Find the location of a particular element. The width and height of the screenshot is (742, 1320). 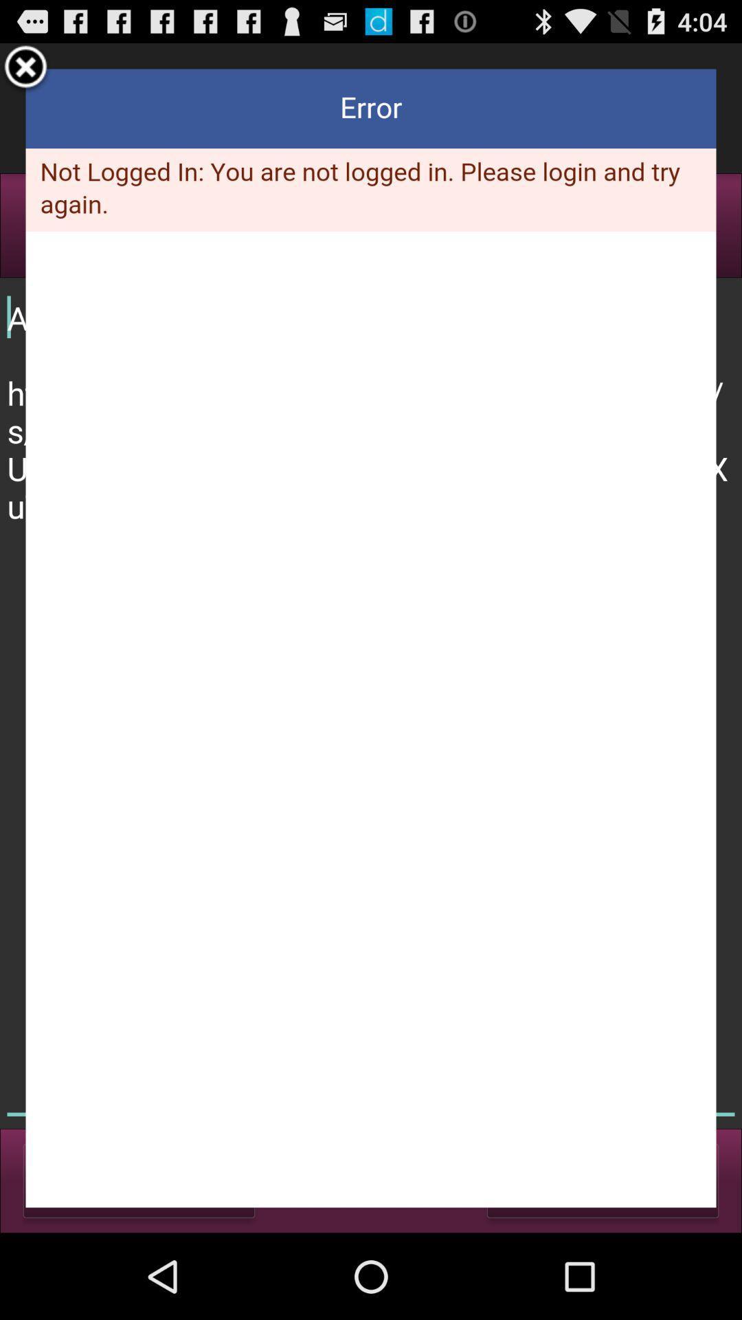

window is located at coordinates (25, 68).